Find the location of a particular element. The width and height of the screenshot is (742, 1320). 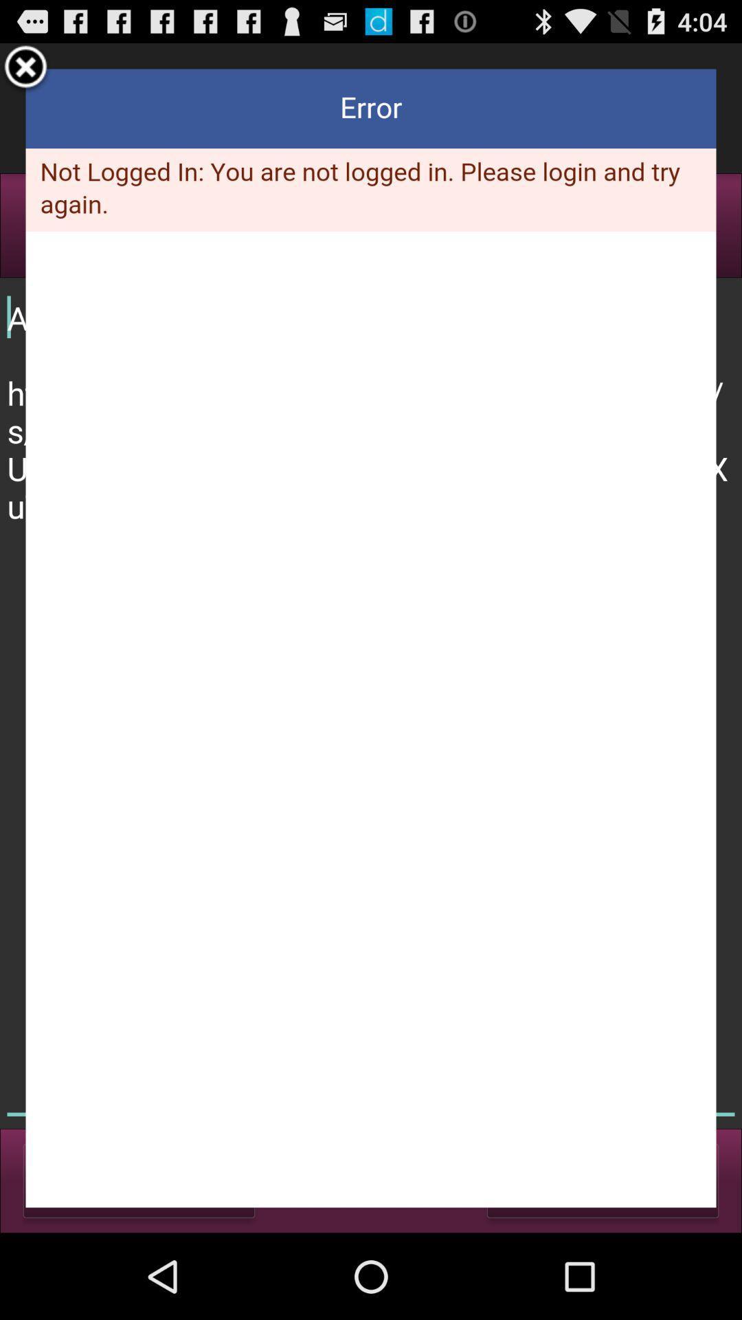

window is located at coordinates (25, 68).